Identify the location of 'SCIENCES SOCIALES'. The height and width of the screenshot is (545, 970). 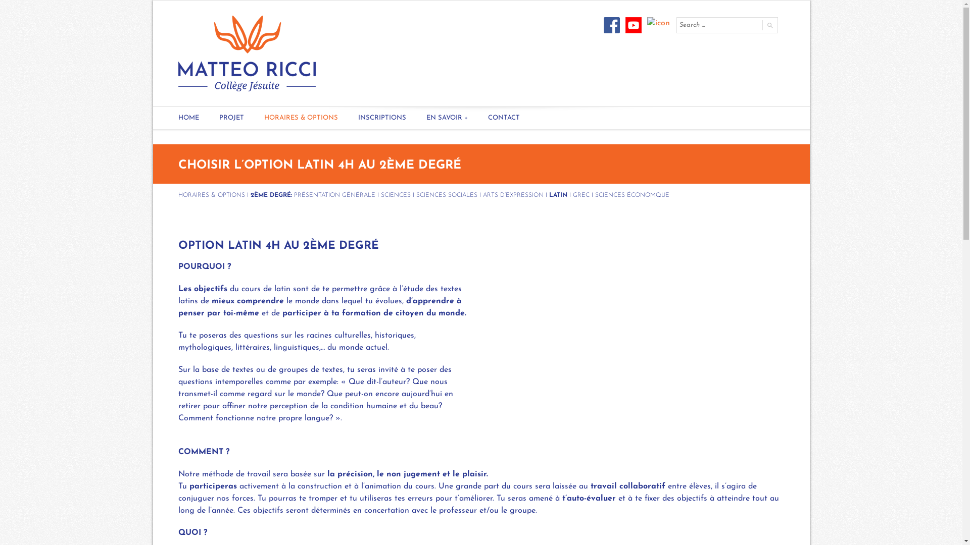
(446, 195).